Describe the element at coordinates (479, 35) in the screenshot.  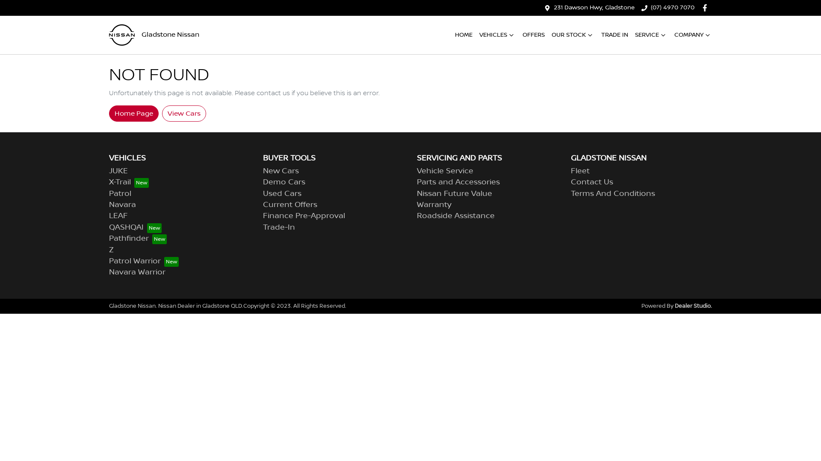
I see `'VEHICLES'` at that location.